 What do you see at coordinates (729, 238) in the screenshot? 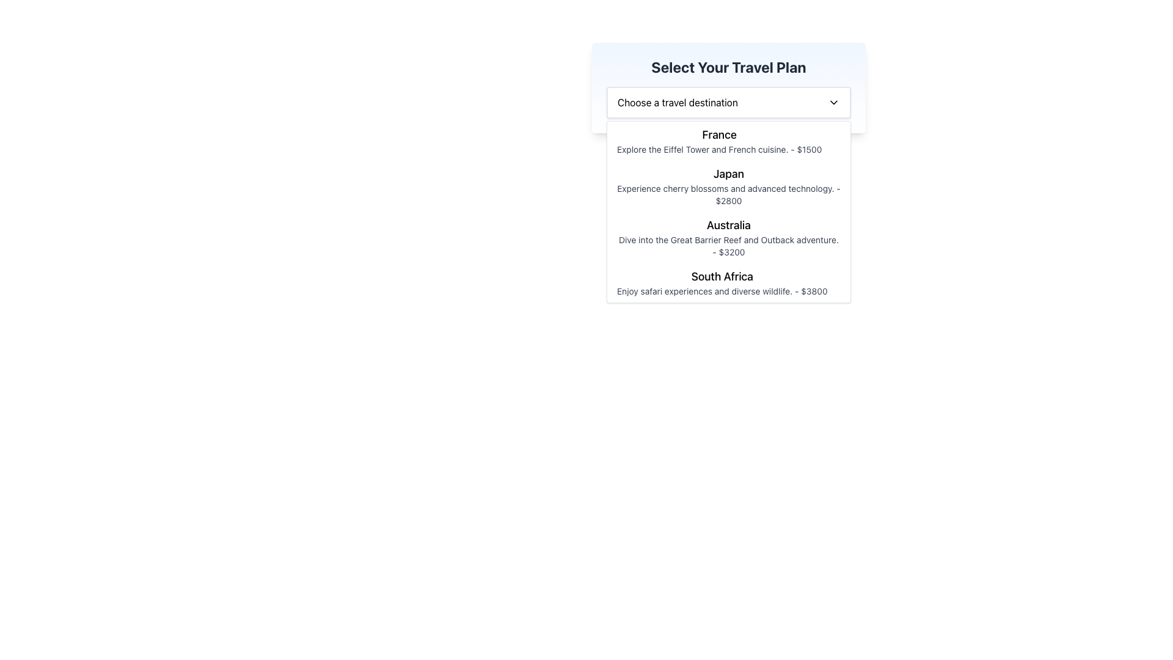
I see `the third option in the dropdown menu that provides information about the travel package to Australia` at bounding box center [729, 238].